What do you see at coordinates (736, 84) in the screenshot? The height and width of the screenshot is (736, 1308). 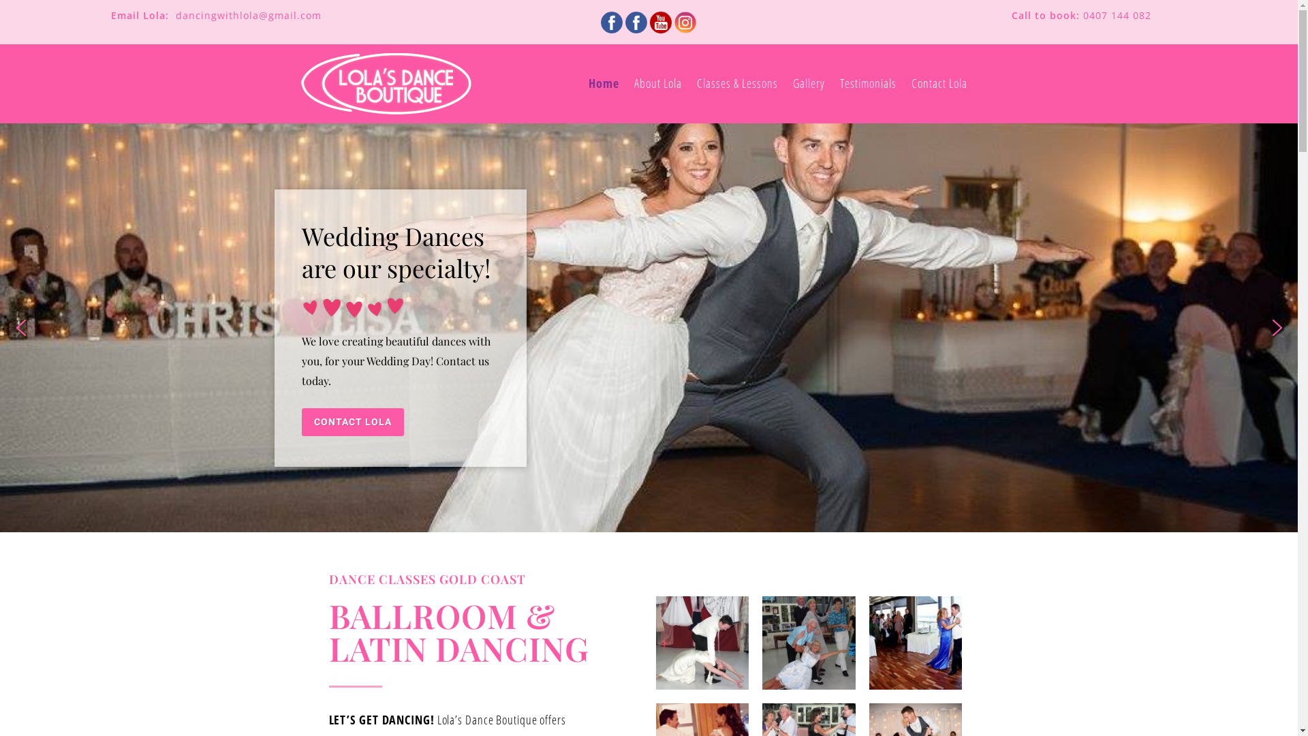 I see `'Classes & Lessons'` at bounding box center [736, 84].